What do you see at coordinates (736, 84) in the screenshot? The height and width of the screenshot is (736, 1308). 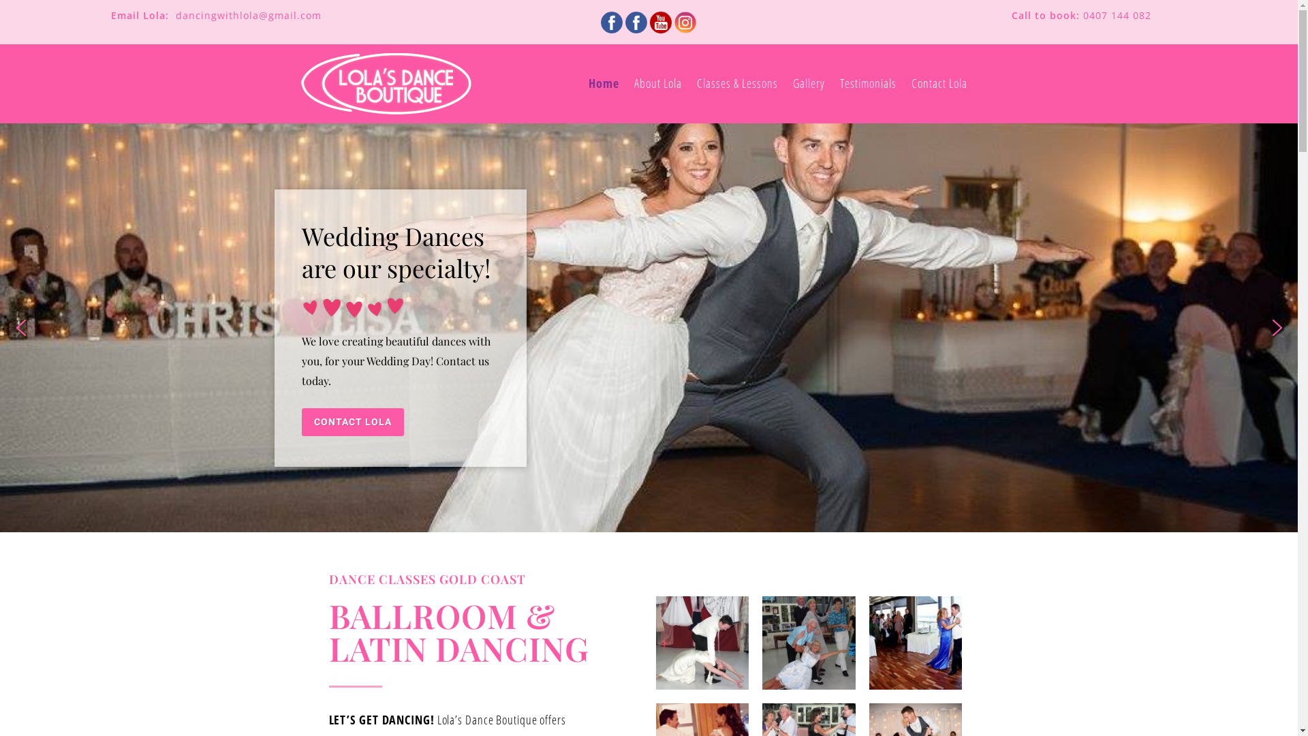 I see `'Classes & Lessons'` at bounding box center [736, 84].